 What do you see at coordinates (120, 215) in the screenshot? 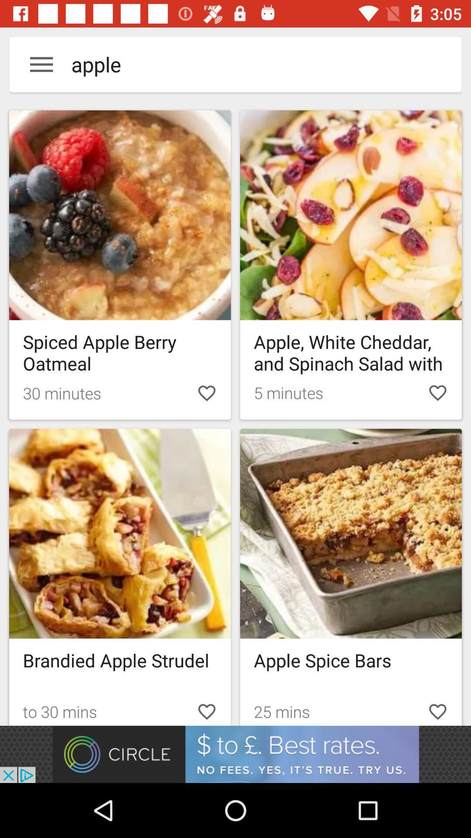
I see `the image which is on the top left corner of the screen` at bounding box center [120, 215].